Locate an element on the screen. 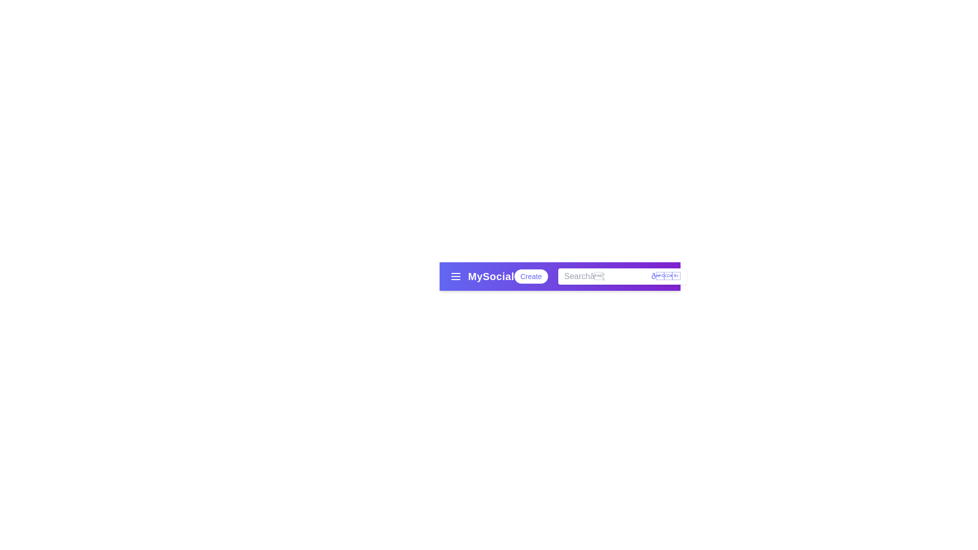 This screenshot has width=978, height=550. the text 'MySocial' is located at coordinates (481, 277).